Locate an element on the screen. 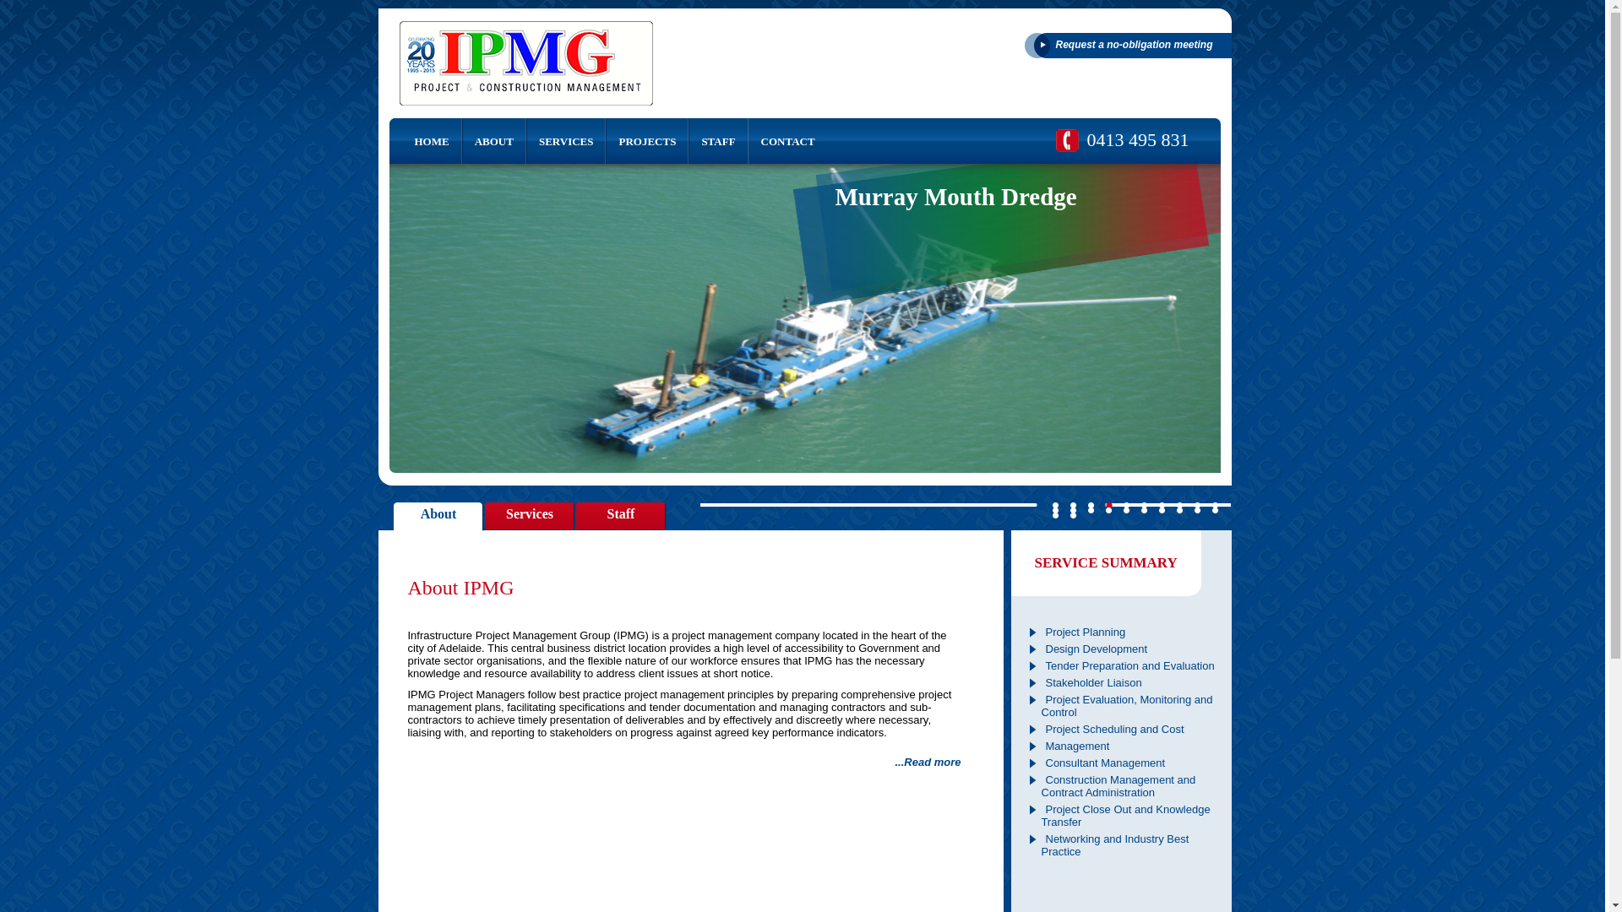 The height and width of the screenshot is (912, 1622). '20' is located at coordinates (1214, 509).